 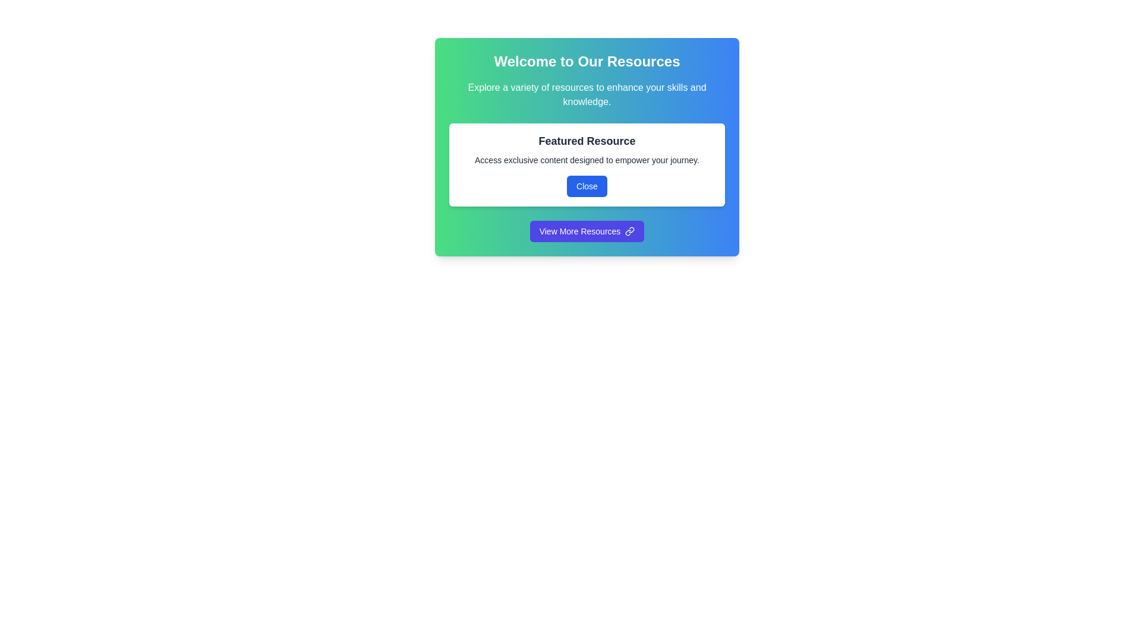 I want to click on the introductory Text Label that provides a summary guiding users, so click(x=587, y=94).